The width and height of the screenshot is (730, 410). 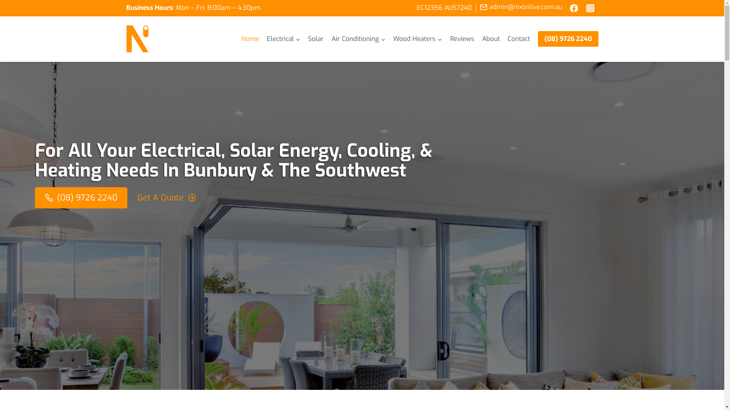 I want to click on 'Reviews', so click(x=461, y=38).